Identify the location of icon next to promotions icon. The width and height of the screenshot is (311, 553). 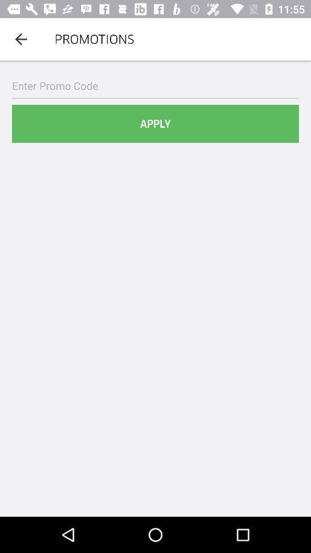
(21, 39).